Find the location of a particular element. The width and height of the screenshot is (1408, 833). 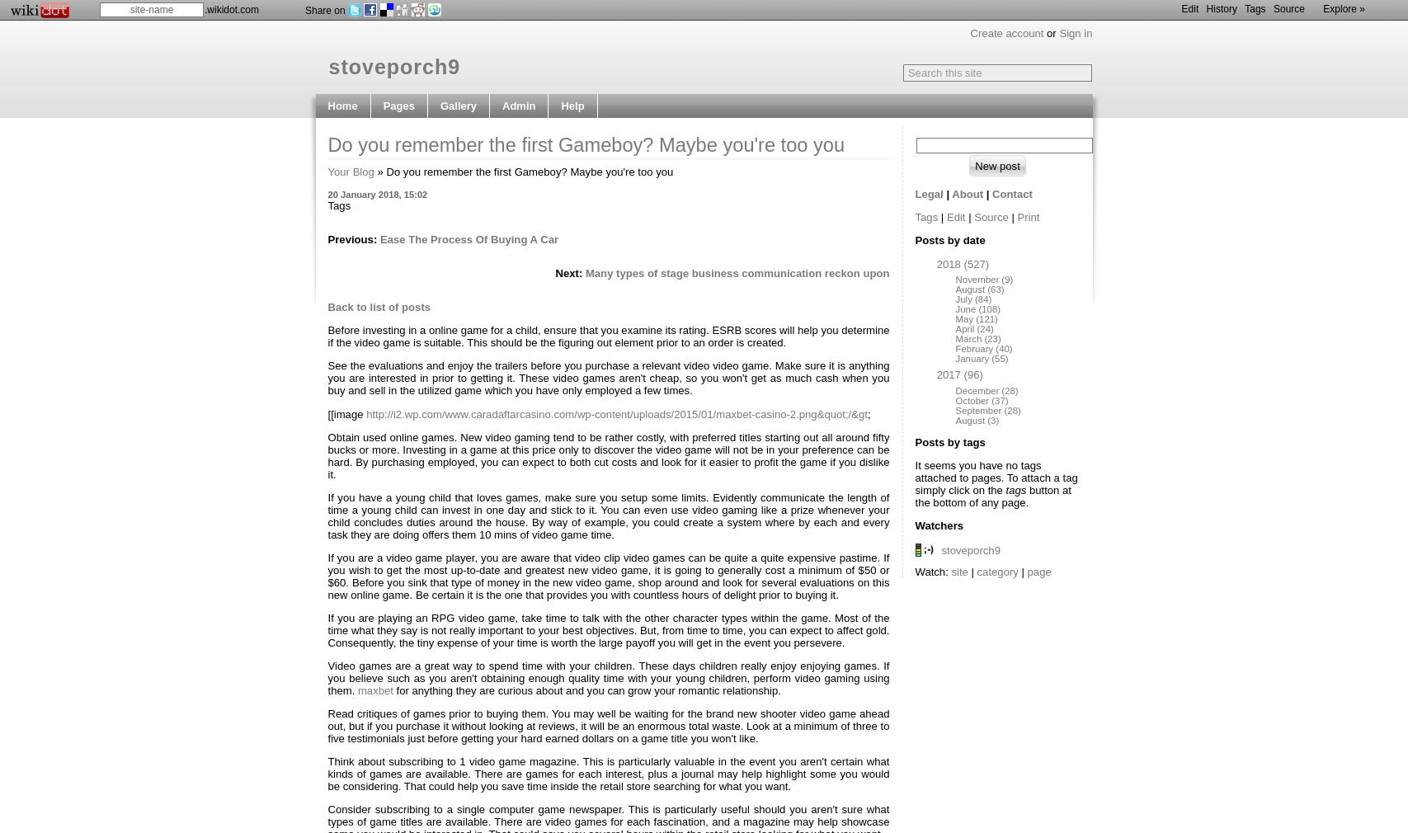

'June (108)' is located at coordinates (954, 309).